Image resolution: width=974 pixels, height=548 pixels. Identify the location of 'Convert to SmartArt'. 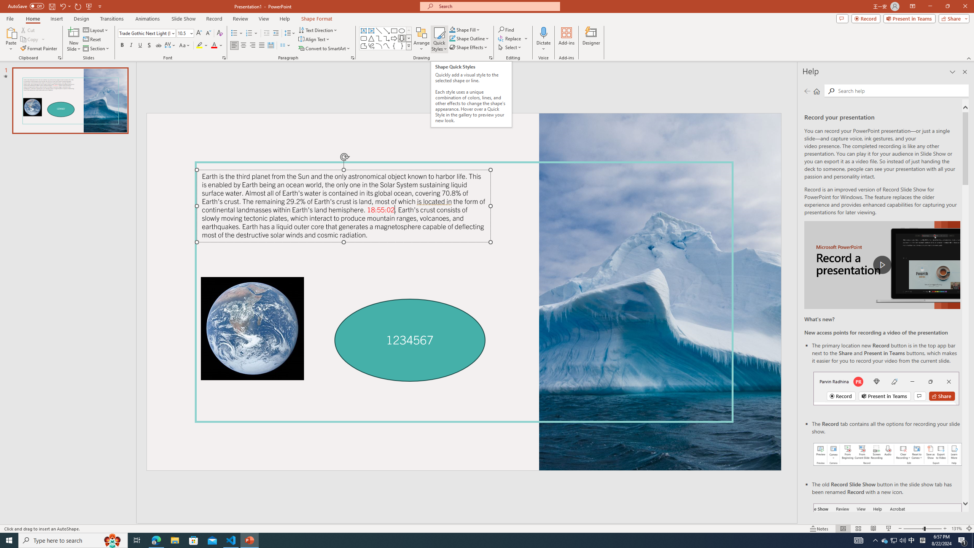
(324, 48).